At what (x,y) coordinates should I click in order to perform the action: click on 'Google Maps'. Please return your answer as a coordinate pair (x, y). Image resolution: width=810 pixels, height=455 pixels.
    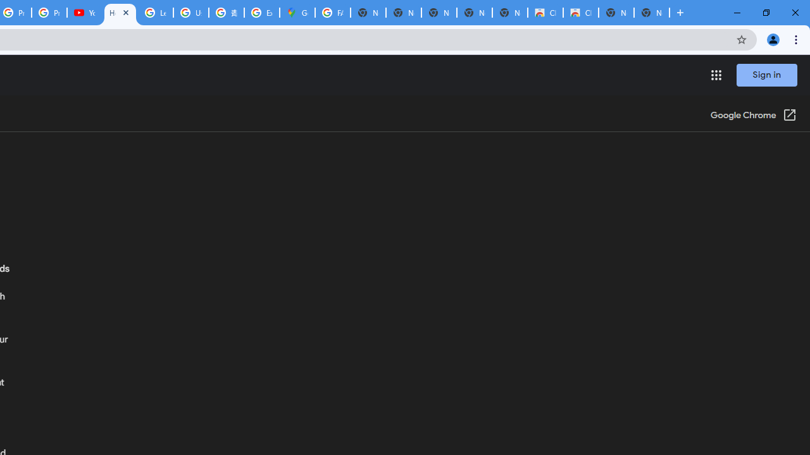
    Looking at the image, I should click on (296, 13).